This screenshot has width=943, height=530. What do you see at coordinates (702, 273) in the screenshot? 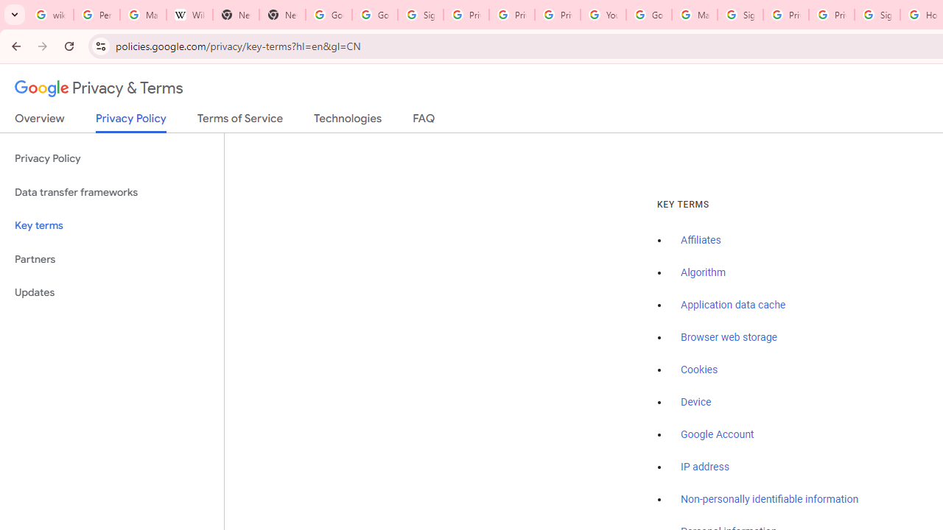
I see `'Algorithm'` at bounding box center [702, 273].